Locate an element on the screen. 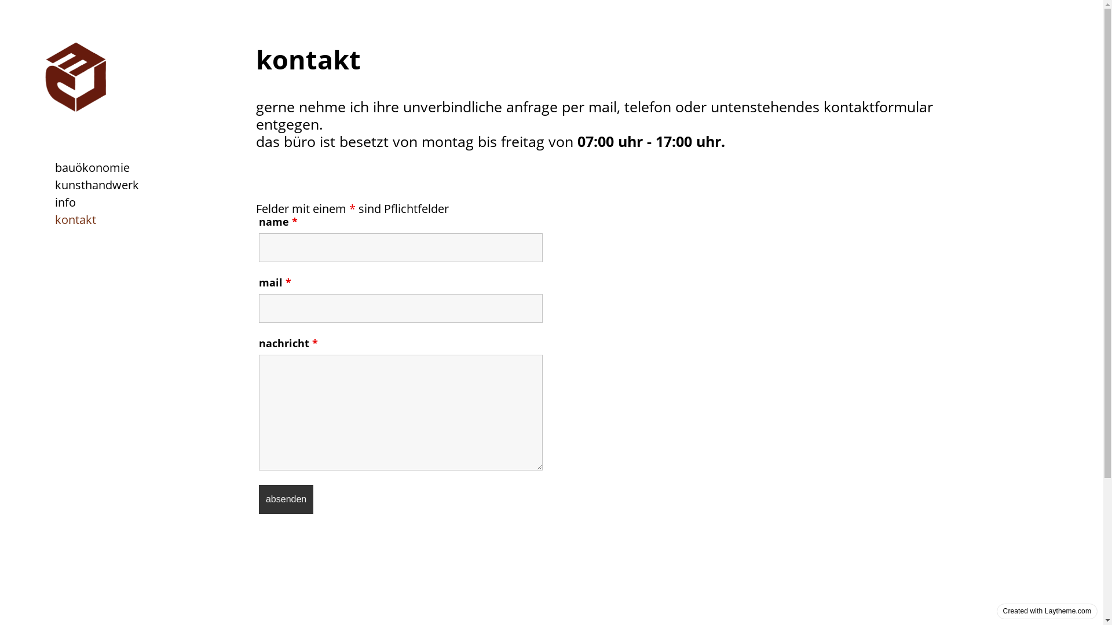 This screenshot has height=625, width=1112. 'kontakt' is located at coordinates (75, 219).